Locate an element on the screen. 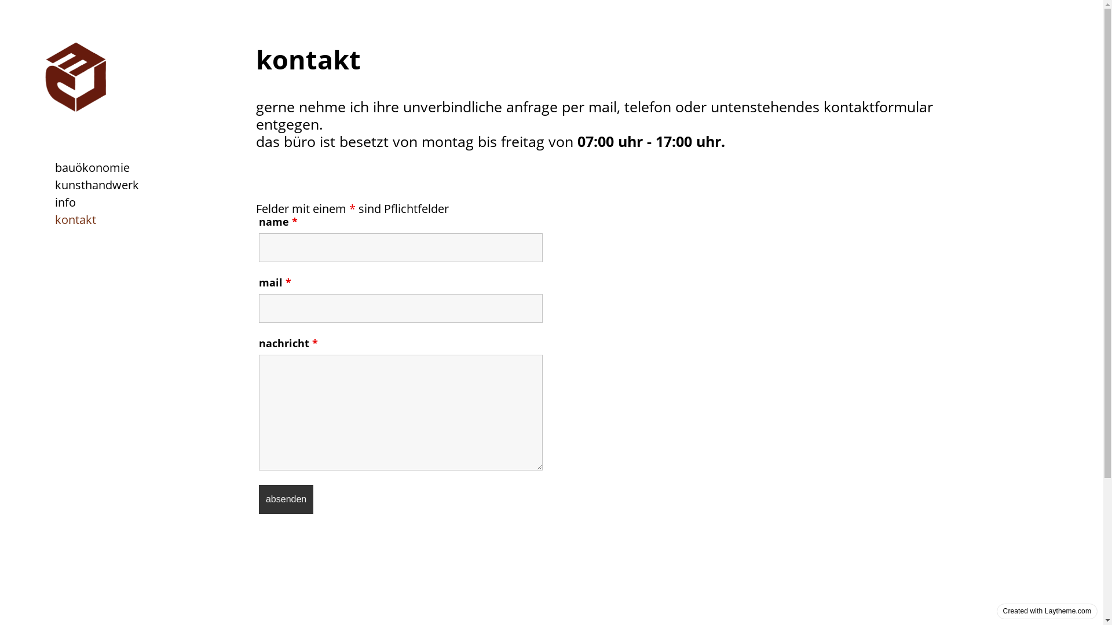 This screenshot has height=625, width=1112. 'kontakt' is located at coordinates (75, 219).